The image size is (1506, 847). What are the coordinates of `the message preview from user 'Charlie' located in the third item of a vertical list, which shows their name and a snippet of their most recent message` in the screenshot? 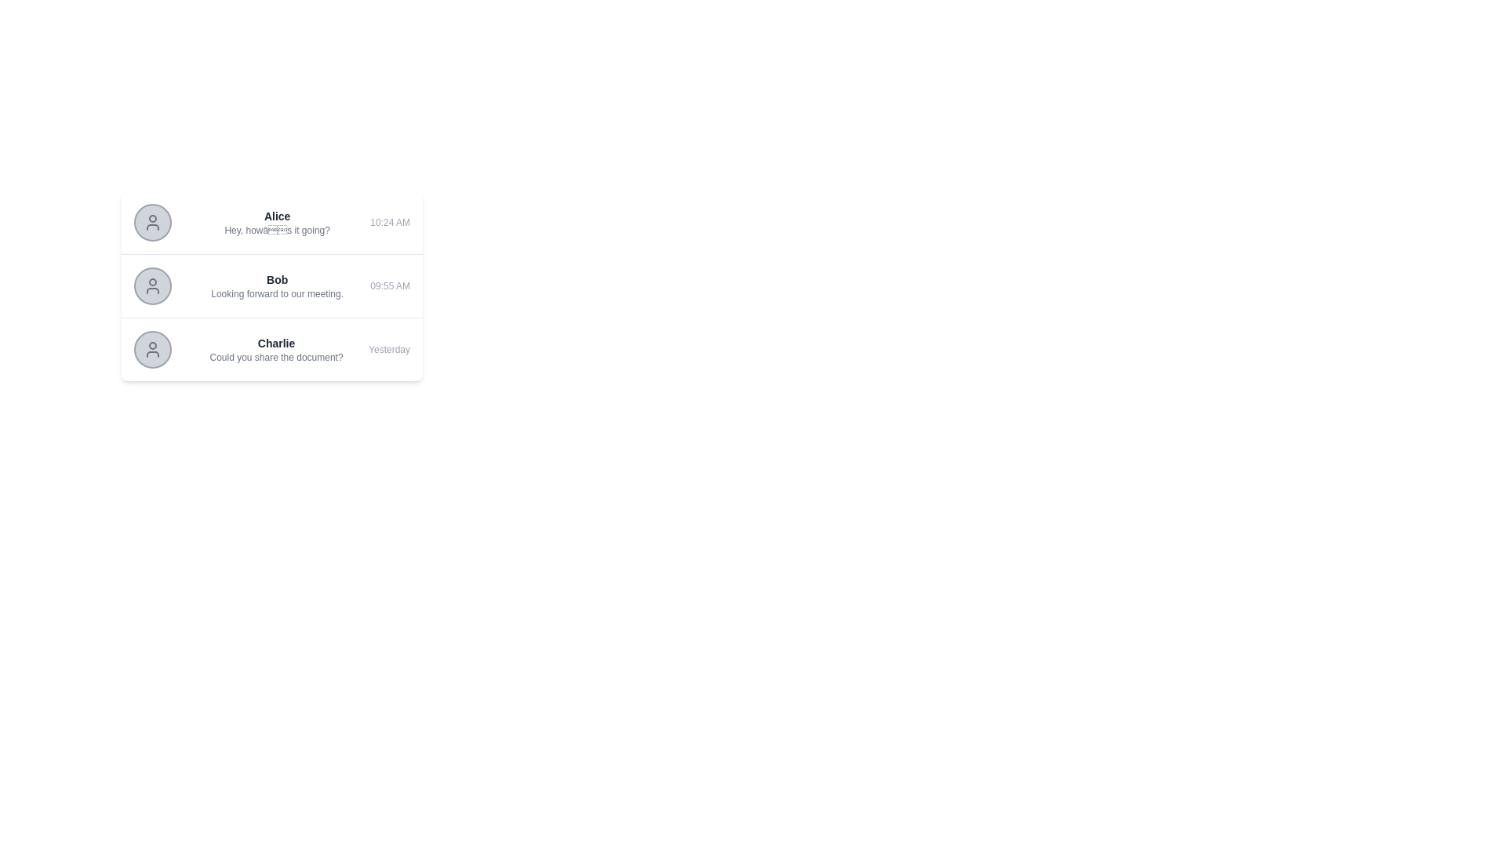 It's located at (276, 349).